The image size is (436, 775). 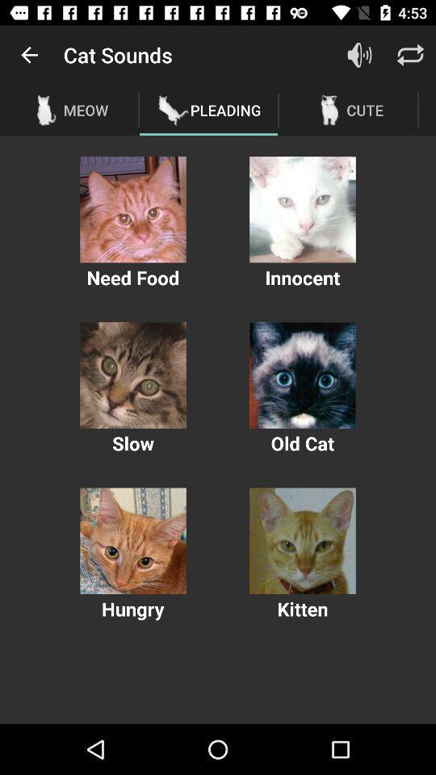 I want to click on on loop, so click(x=410, y=55).